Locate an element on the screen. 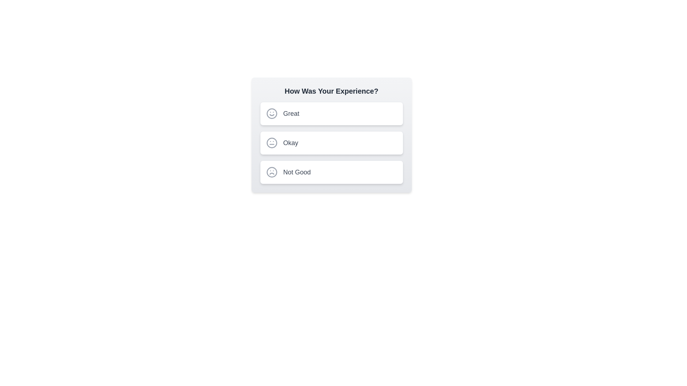 This screenshot has width=687, height=386. the sentiment icon representing 'Okay' in the feedback options list titled 'How Was Your Experience?'. This icon is located in the second row within the card labeled 'Okay' is located at coordinates (271, 143).